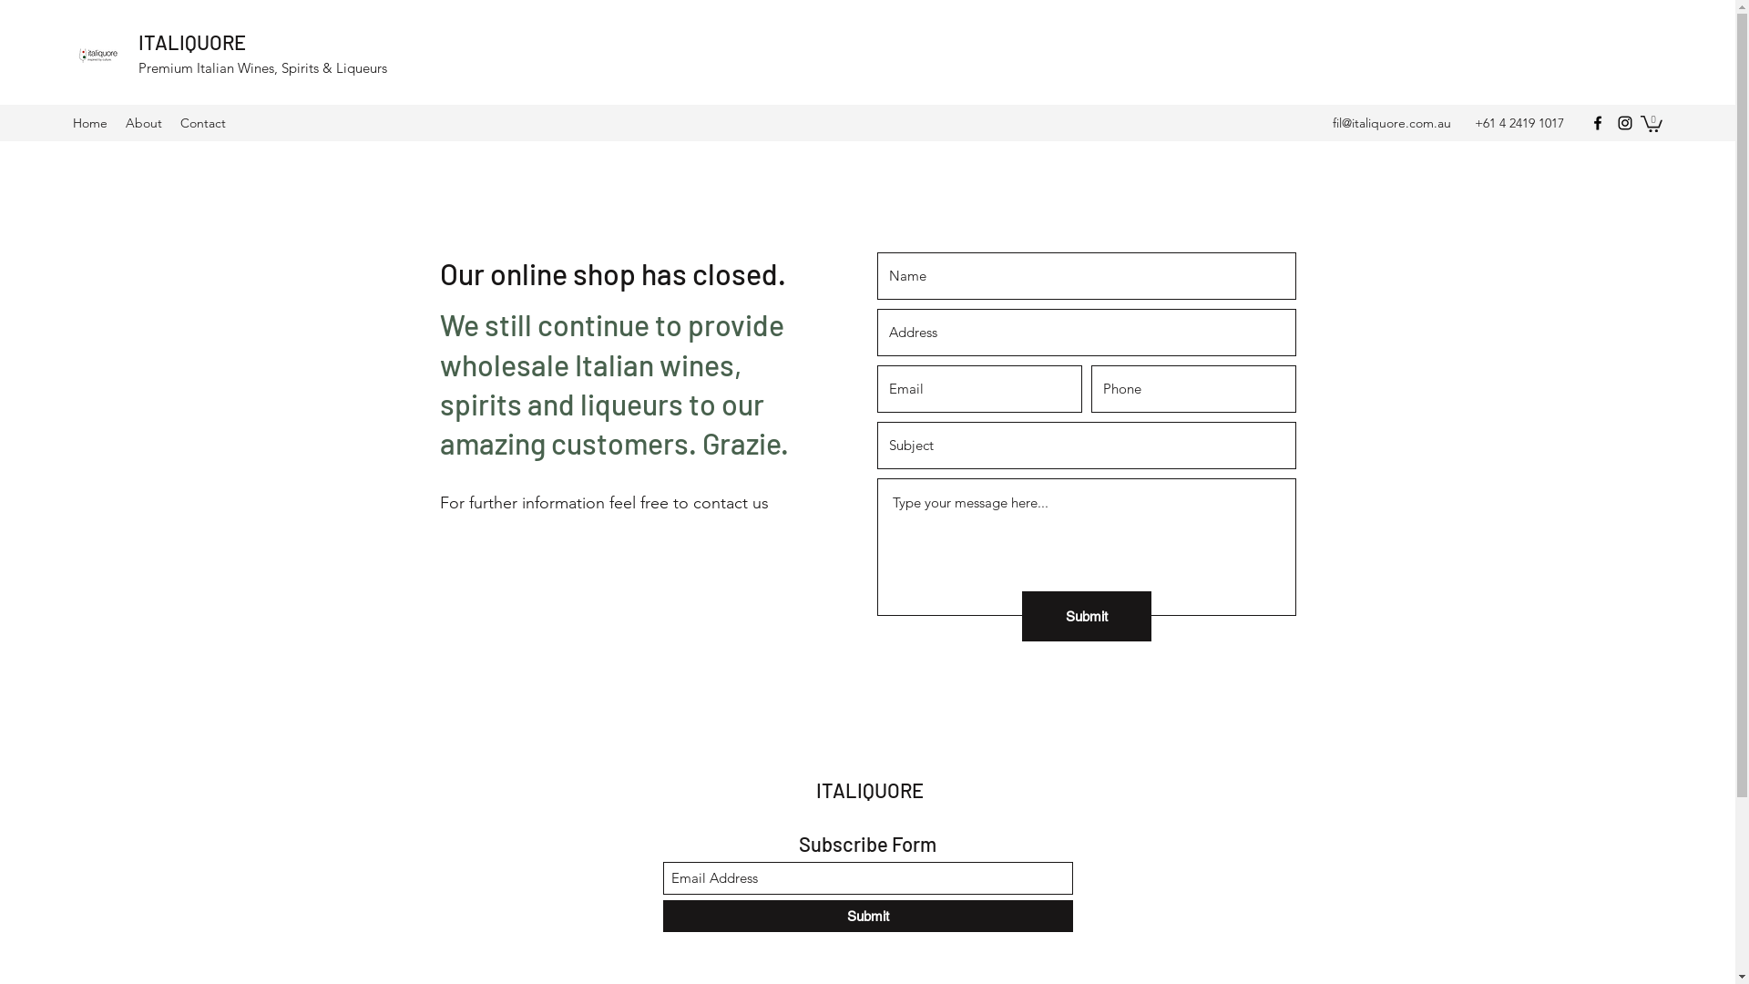 The height and width of the screenshot is (984, 1749). I want to click on 'Home', so click(89, 123).